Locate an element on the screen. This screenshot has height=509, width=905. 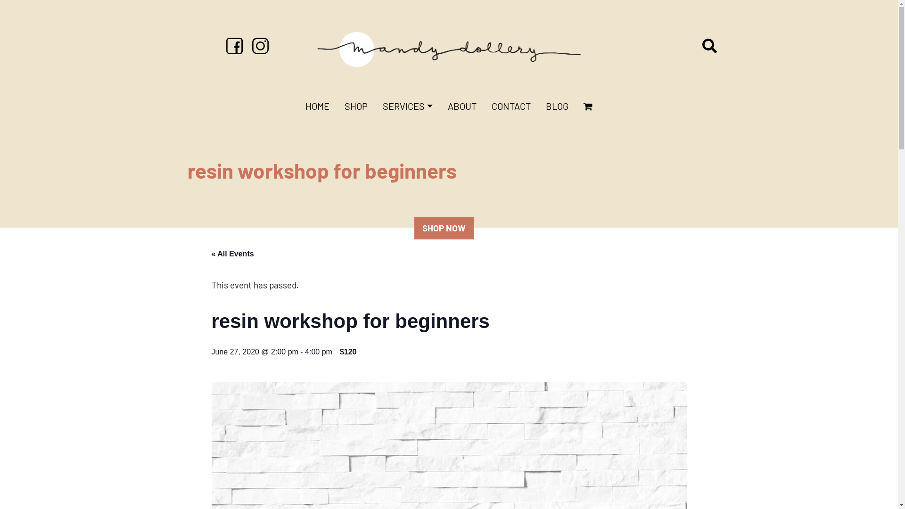
'Facebook' is located at coordinates (234, 44).